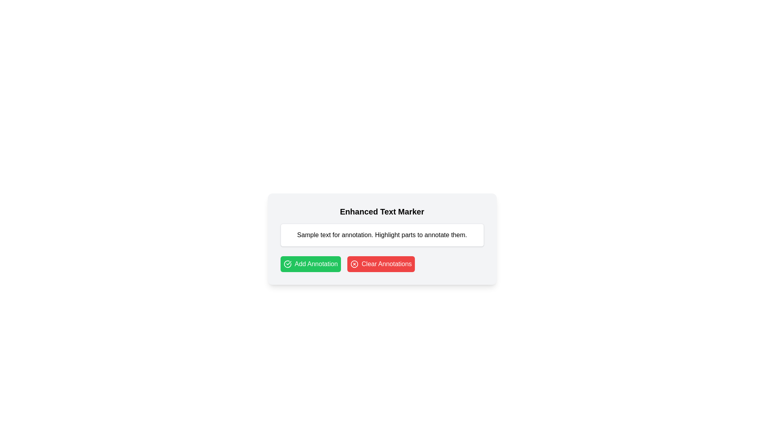  I want to click on the character 'a' in the word 'parts', which is displayed in a white box beneath the heading 'Enhanced Text Marker', so click(407, 234).